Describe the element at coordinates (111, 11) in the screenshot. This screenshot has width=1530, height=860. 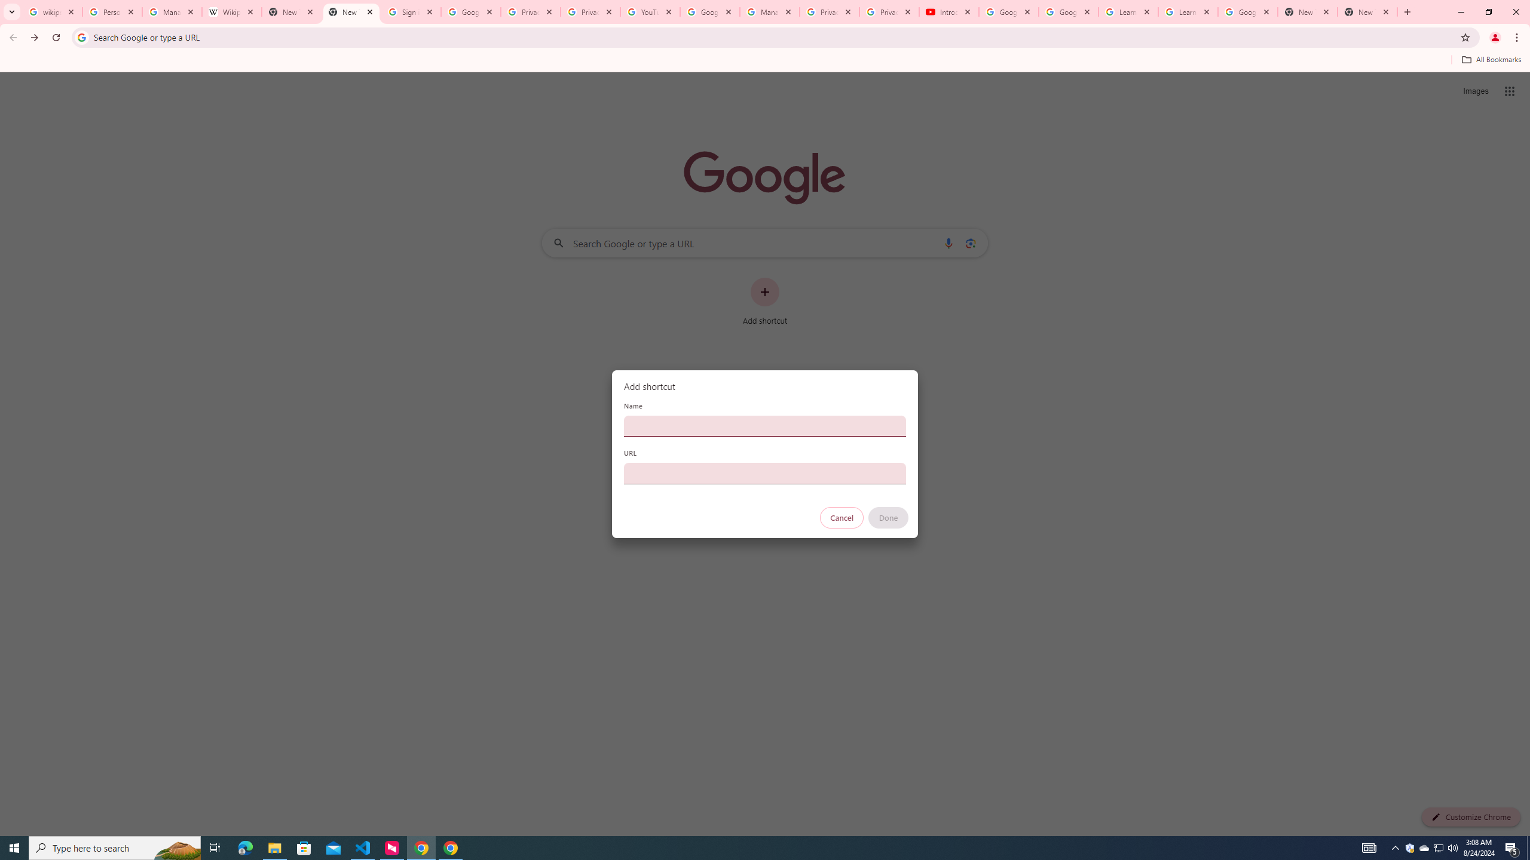
I see `'Personalization & Google Search results - Google Search Help'` at that location.